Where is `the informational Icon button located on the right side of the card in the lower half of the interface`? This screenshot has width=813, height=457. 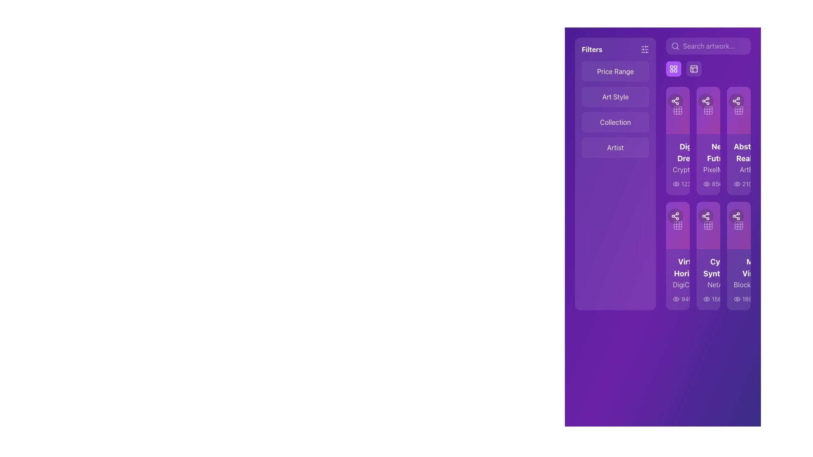 the informational Icon button located on the right side of the card in the lower half of the interface is located at coordinates (713, 184).